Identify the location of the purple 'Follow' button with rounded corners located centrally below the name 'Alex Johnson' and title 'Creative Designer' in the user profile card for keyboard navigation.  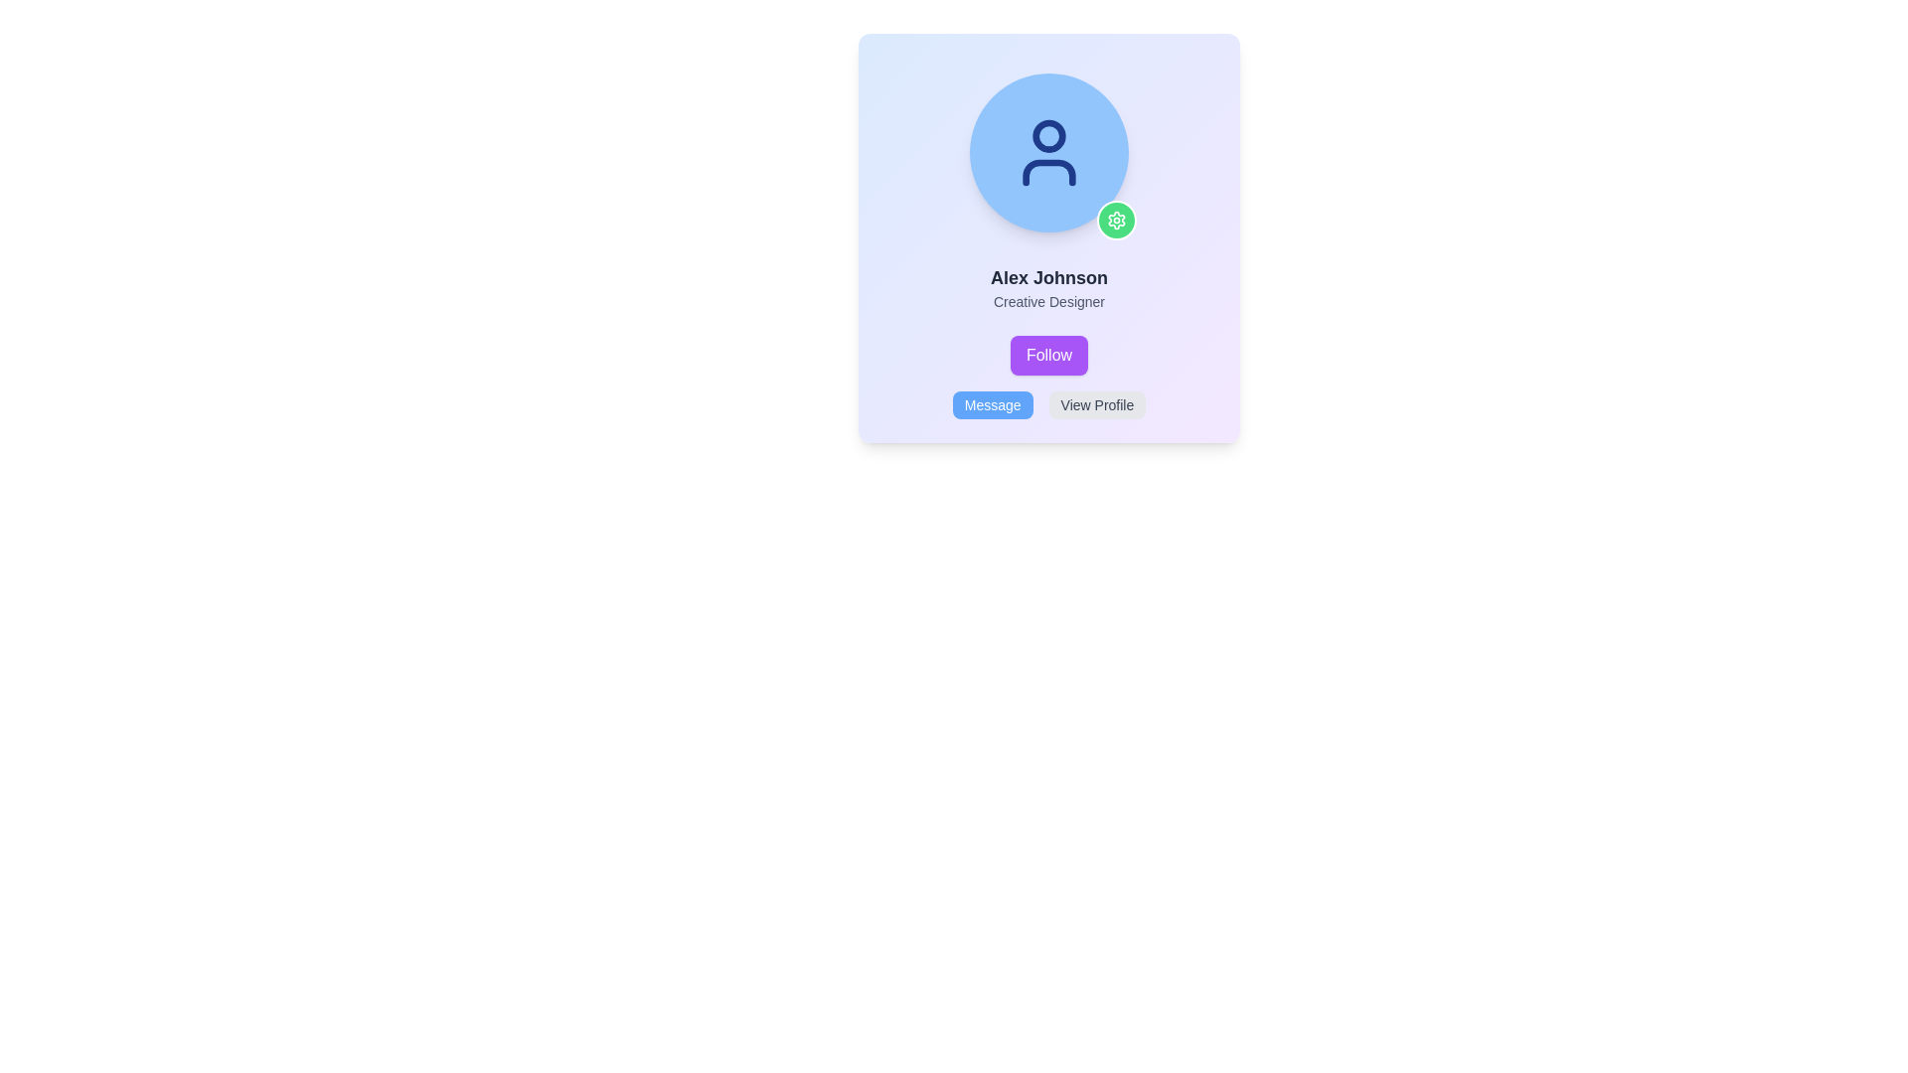
(1048, 355).